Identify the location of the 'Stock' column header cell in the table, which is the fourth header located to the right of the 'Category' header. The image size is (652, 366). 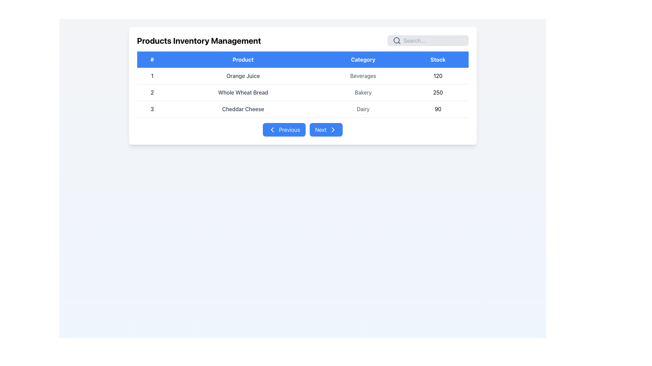
(438, 59).